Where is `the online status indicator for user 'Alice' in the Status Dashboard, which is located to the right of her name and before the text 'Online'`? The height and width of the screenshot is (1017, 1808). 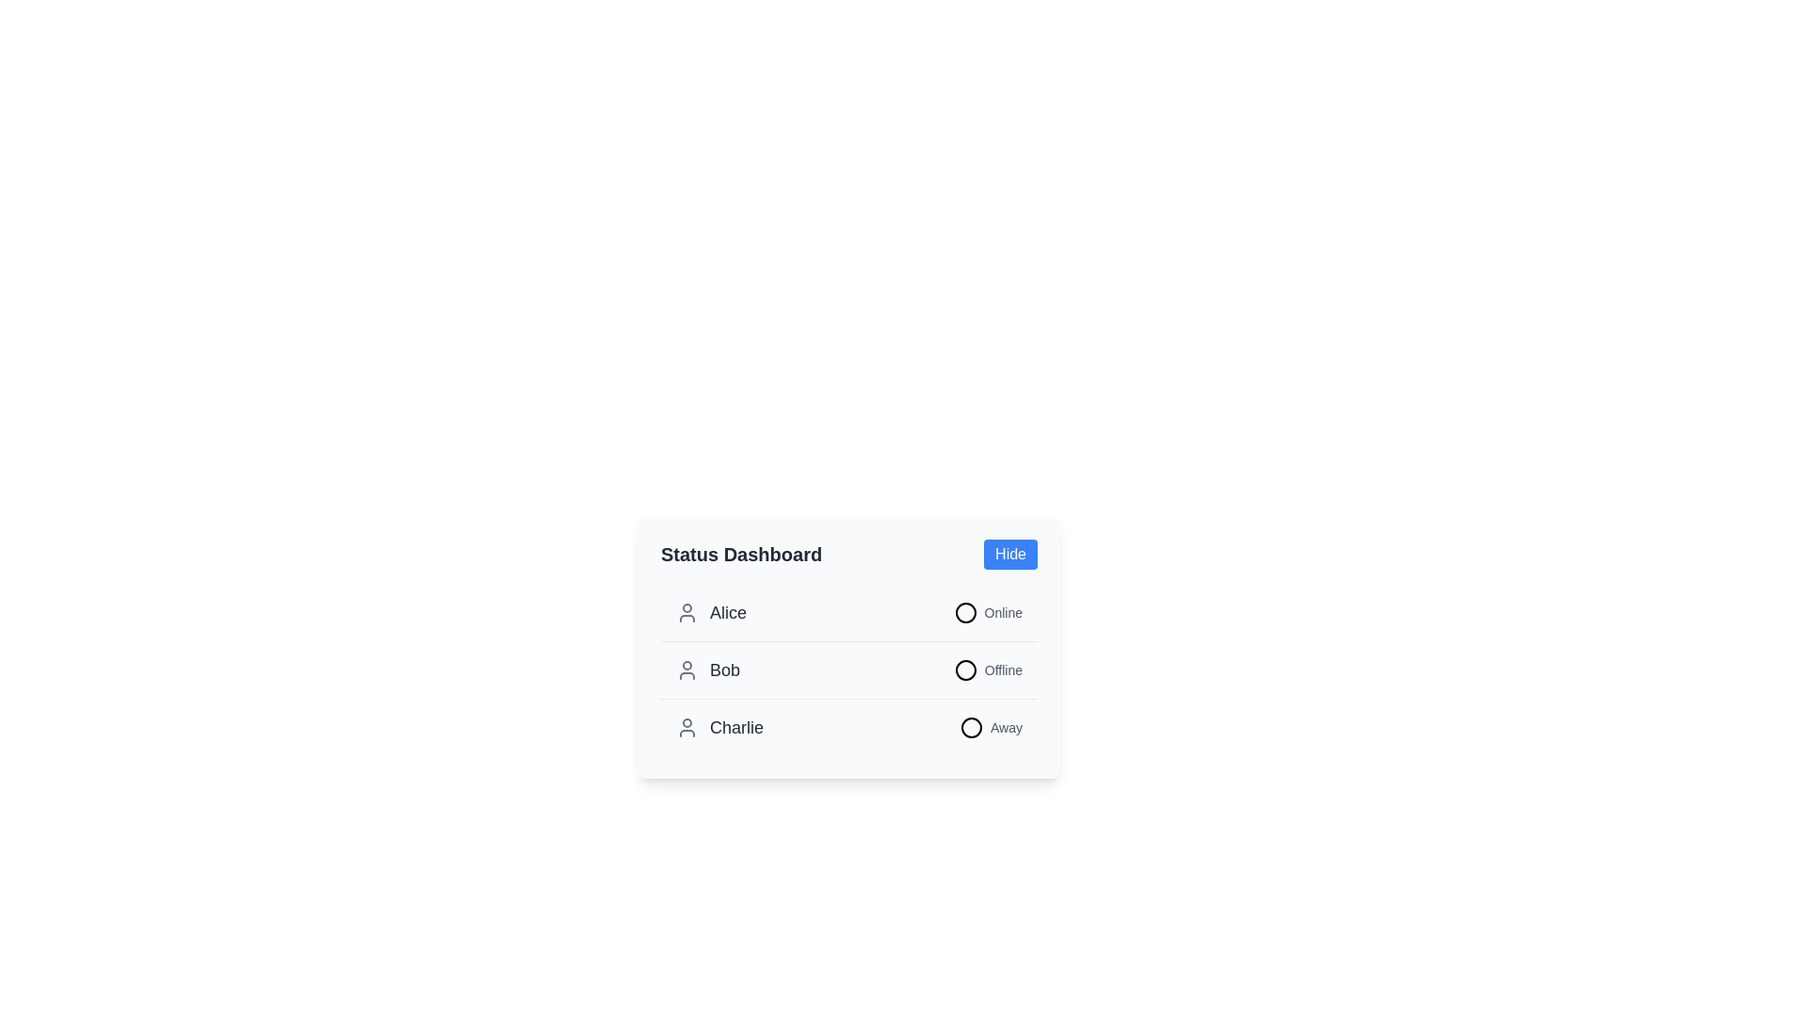
the online status indicator for user 'Alice' in the Status Dashboard, which is located to the right of her name and before the text 'Online' is located at coordinates (965, 613).